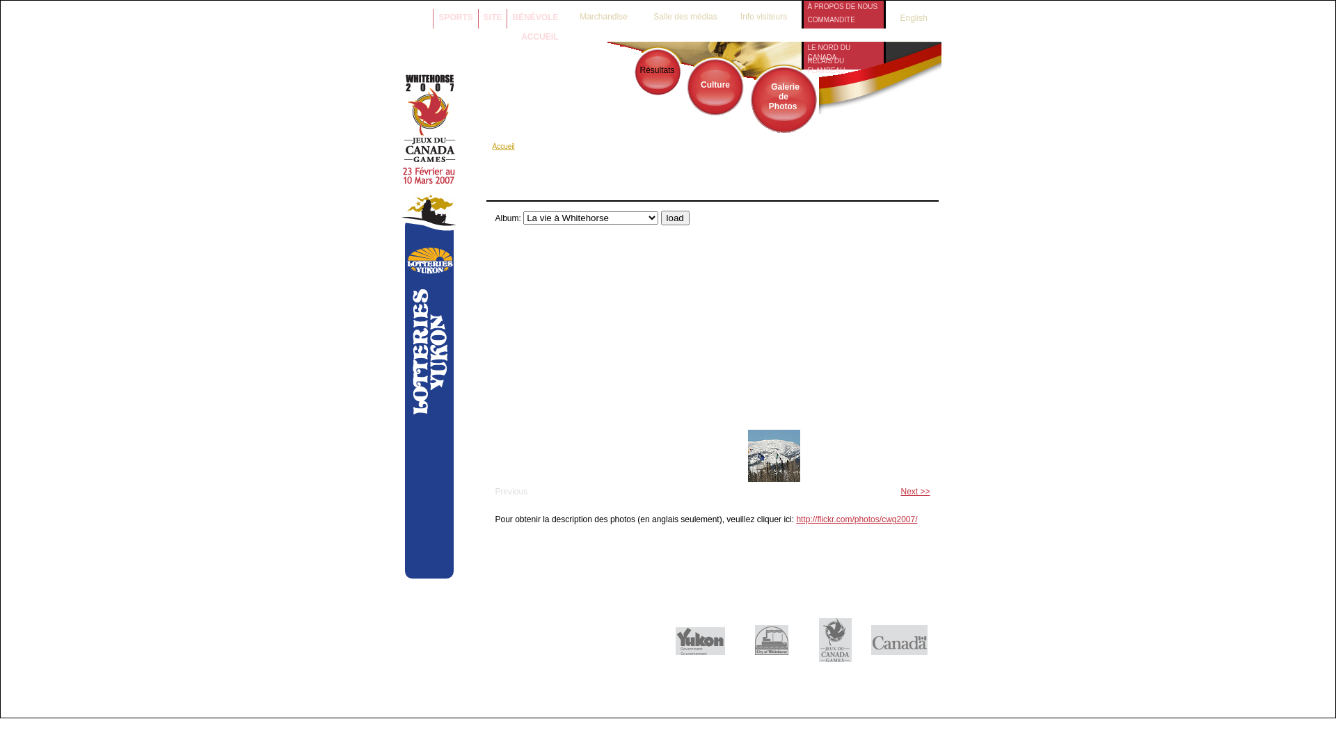  What do you see at coordinates (503, 146) in the screenshot?
I see `'Accueil'` at bounding box center [503, 146].